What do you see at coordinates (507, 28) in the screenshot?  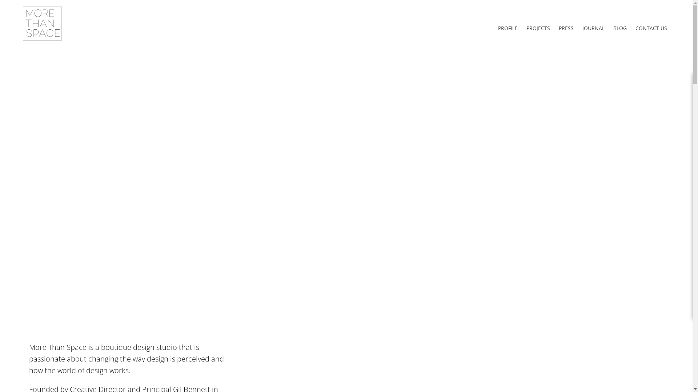 I see `'PROFILE'` at bounding box center [507, 28].